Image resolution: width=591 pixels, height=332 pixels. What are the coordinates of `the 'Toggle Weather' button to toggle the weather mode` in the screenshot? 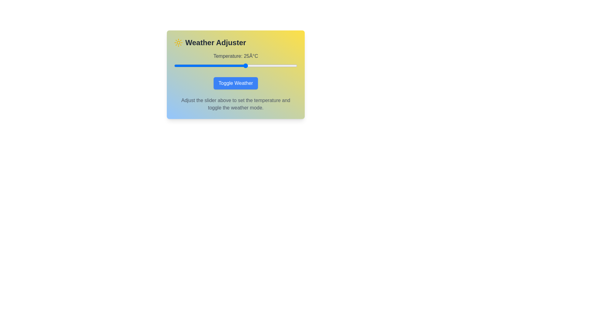 It's located at (235, 83).